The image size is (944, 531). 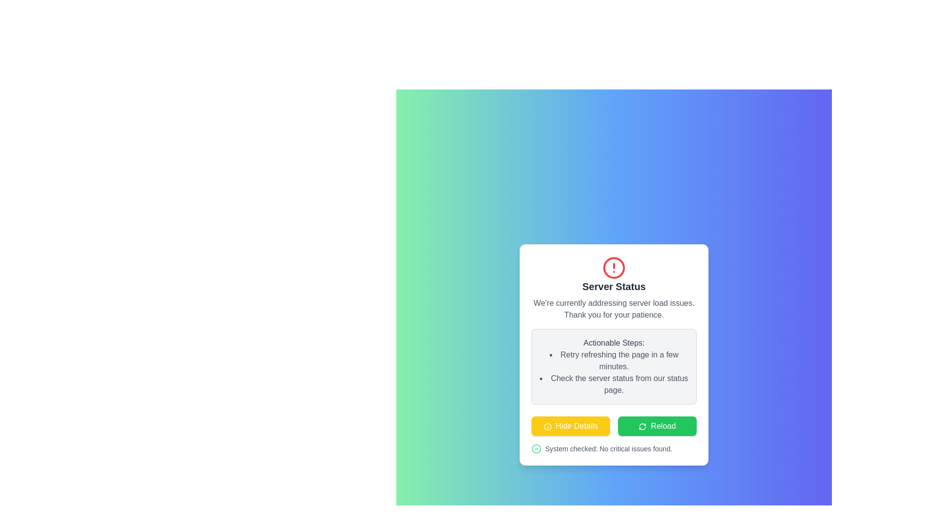 What do you see at coordinates (547, 426) in the screenshot?
I see `the decorative icon positioned to the left of the 'Hide Details' text within the yellow button at the bottom center of the dialog box` at bounding box center [547, 426].